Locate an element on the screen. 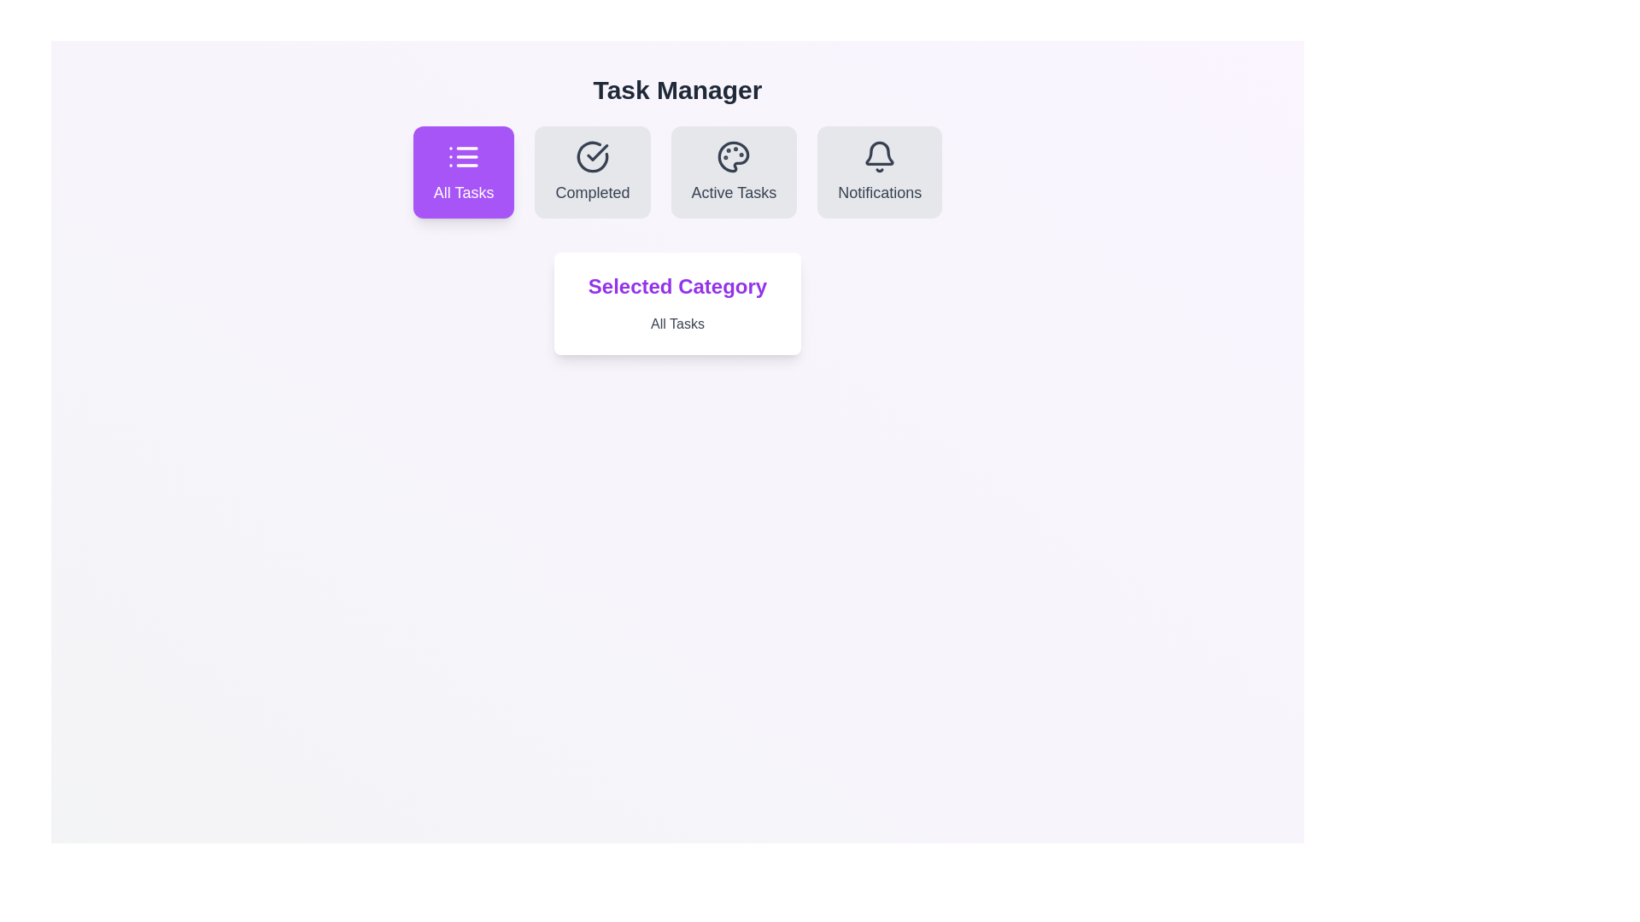 This screenshot has height=922, width=1640. the category button labeled Completed is located at coordinates (592, 172).